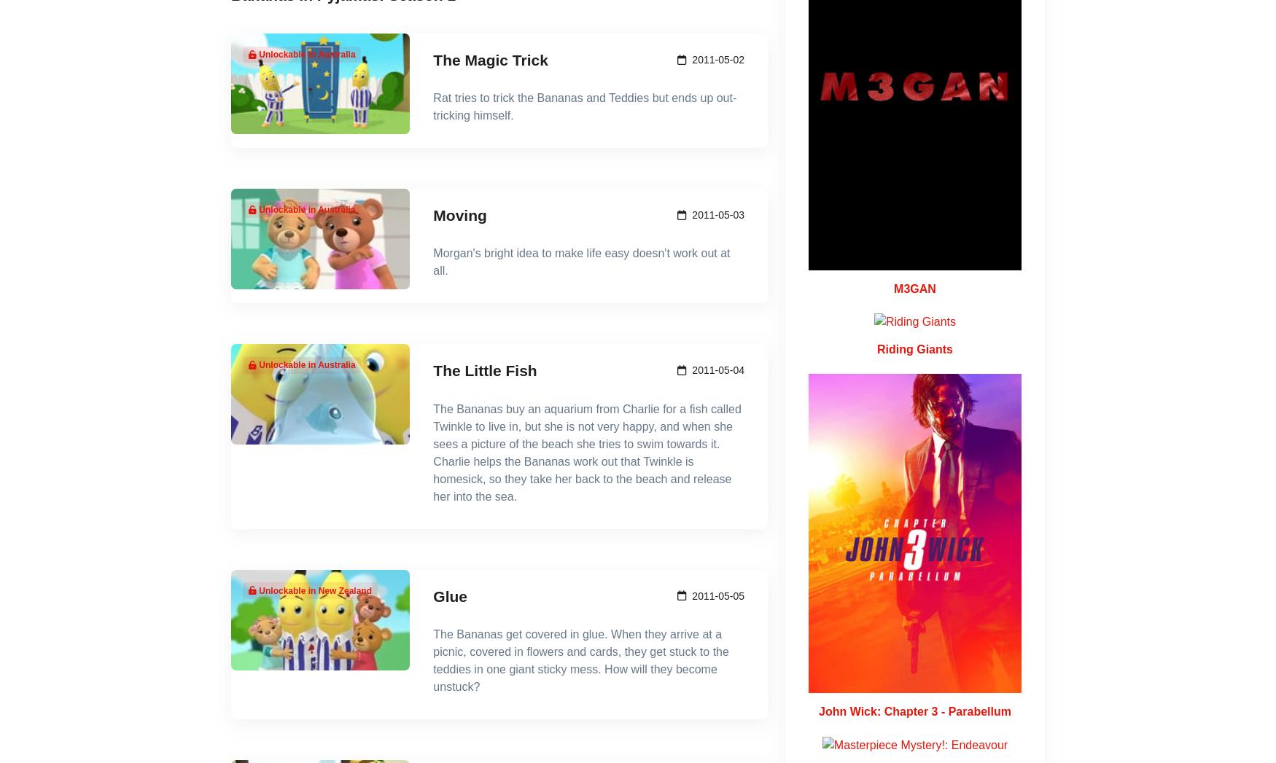 This screenshot has width=1276, height=763. I want to click on 'Watch Now', so click(539, 411).